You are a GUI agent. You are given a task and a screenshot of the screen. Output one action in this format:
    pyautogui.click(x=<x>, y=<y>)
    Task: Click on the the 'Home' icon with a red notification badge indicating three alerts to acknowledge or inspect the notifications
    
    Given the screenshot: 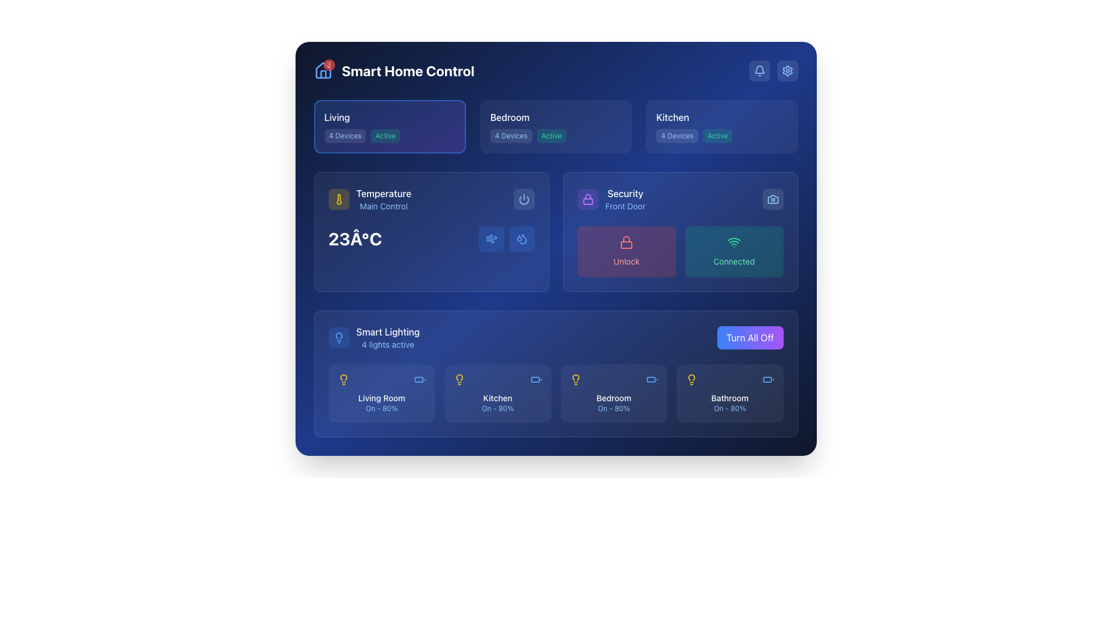 What is the action you would take?
    pyautogui.click(x=323, y=71)
    